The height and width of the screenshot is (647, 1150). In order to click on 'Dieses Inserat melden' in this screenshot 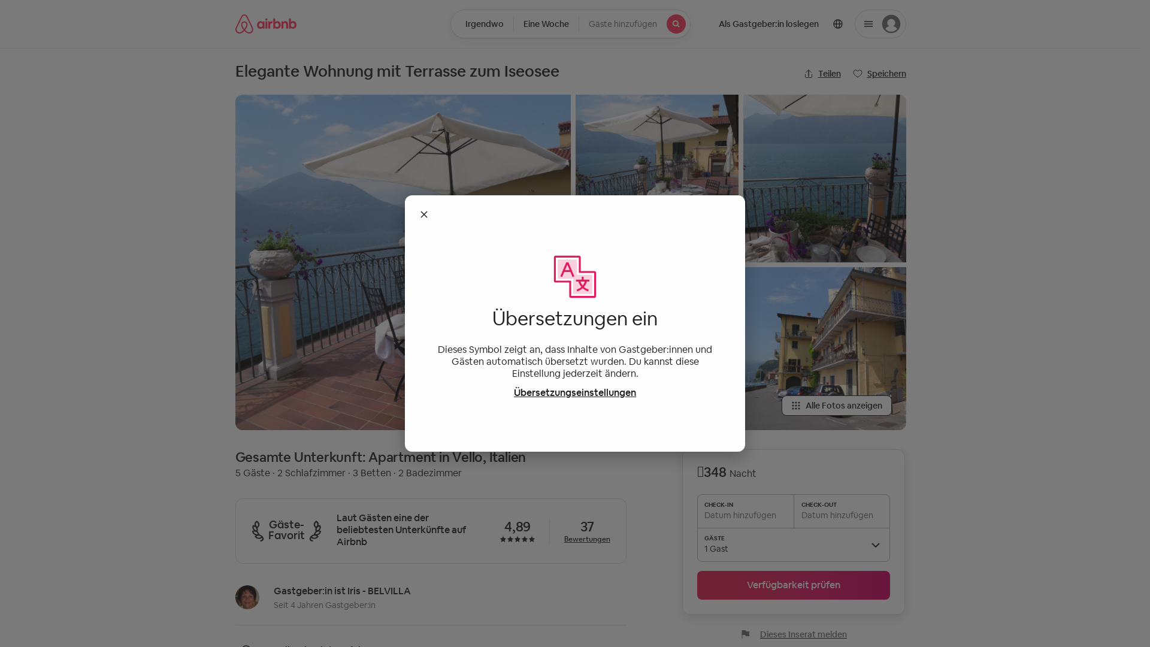, I will do `click(794, 634)`.